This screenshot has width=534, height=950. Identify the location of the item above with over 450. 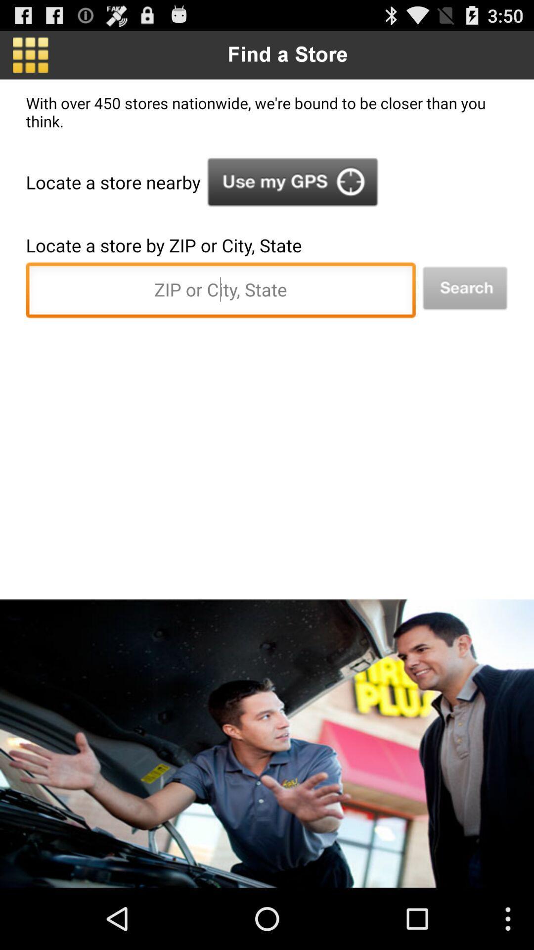
(30, 54).